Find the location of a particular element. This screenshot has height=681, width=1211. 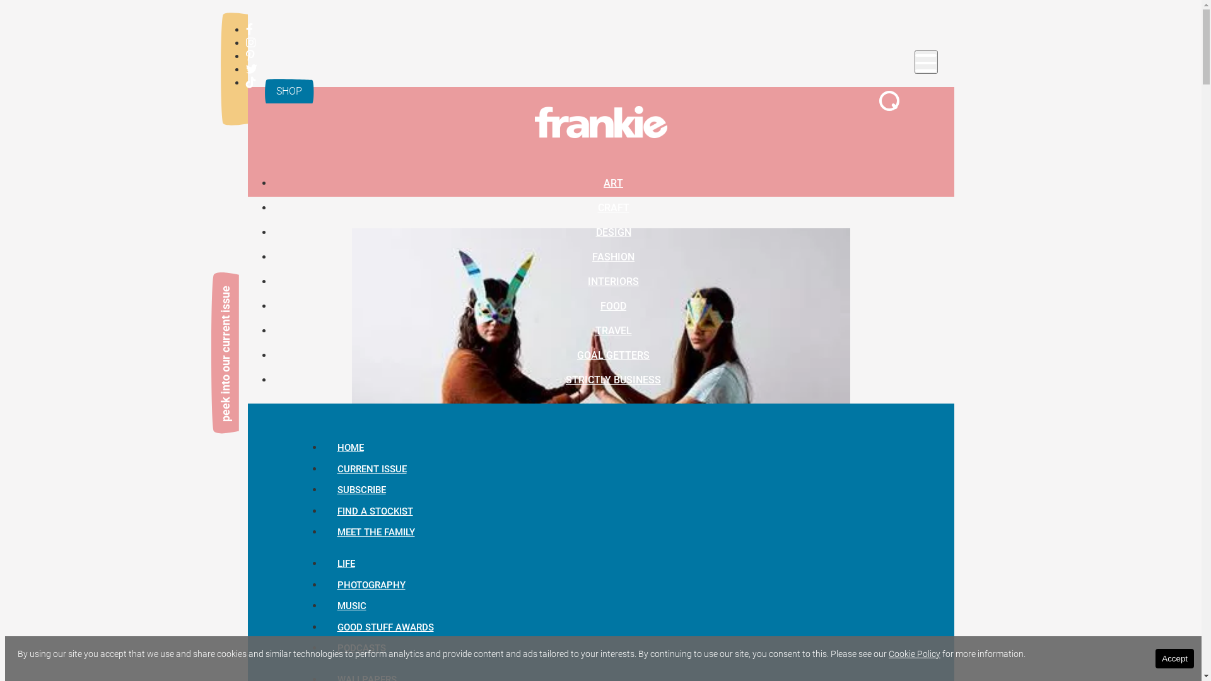

'CRAFT' is located at coordinates (614, 206).